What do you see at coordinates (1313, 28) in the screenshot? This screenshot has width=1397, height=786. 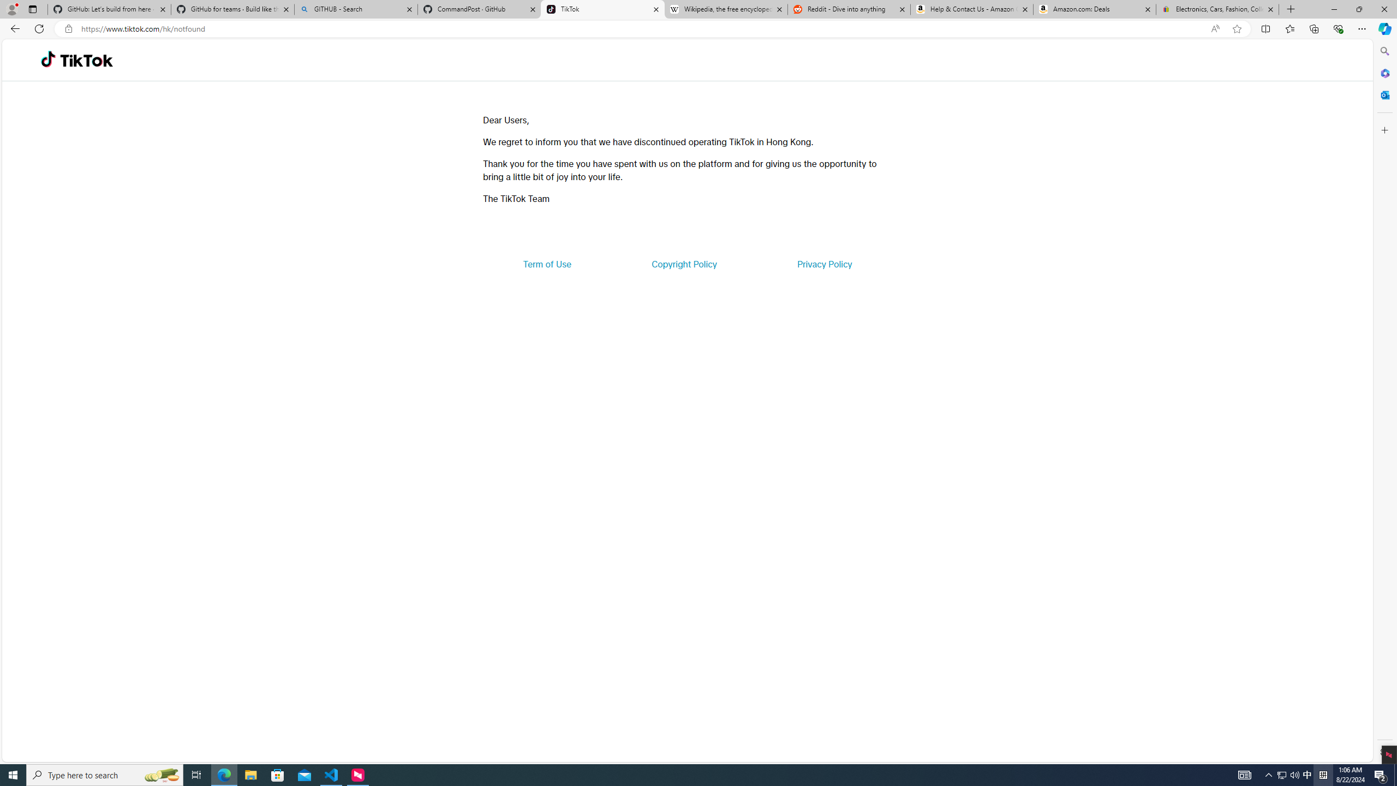 I see `'Collections'` at bounding box center [1313, 28].